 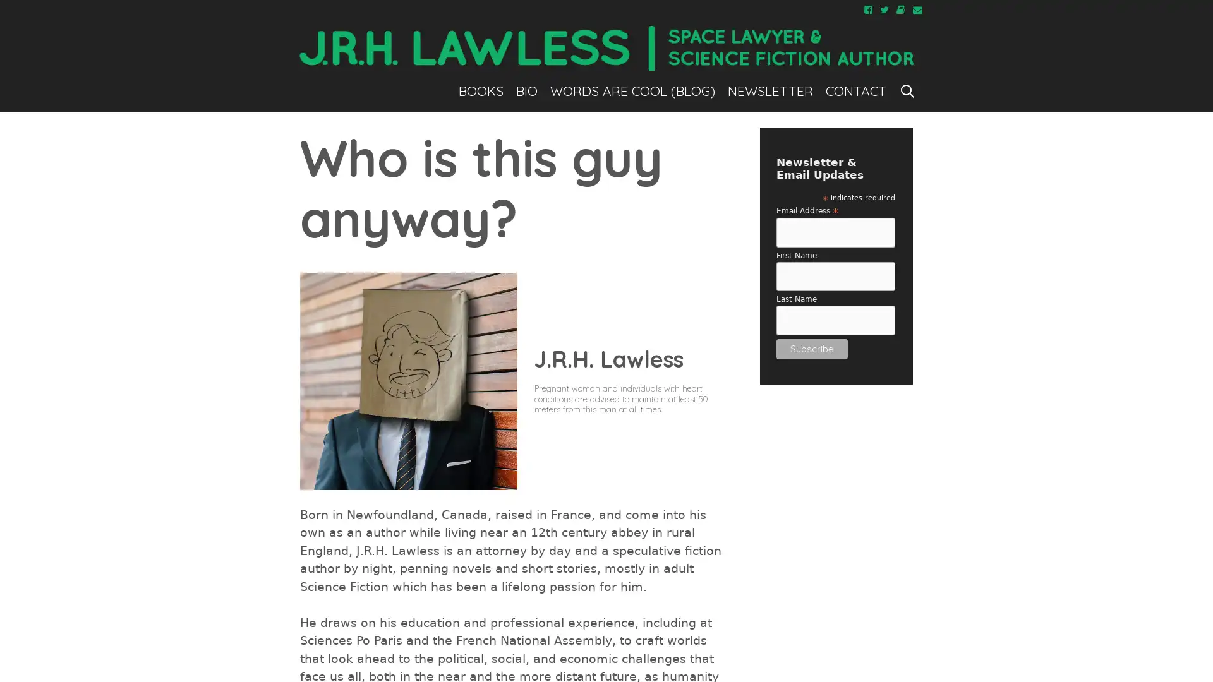 I want to click on Subscribe, so click(x=811, y=348).